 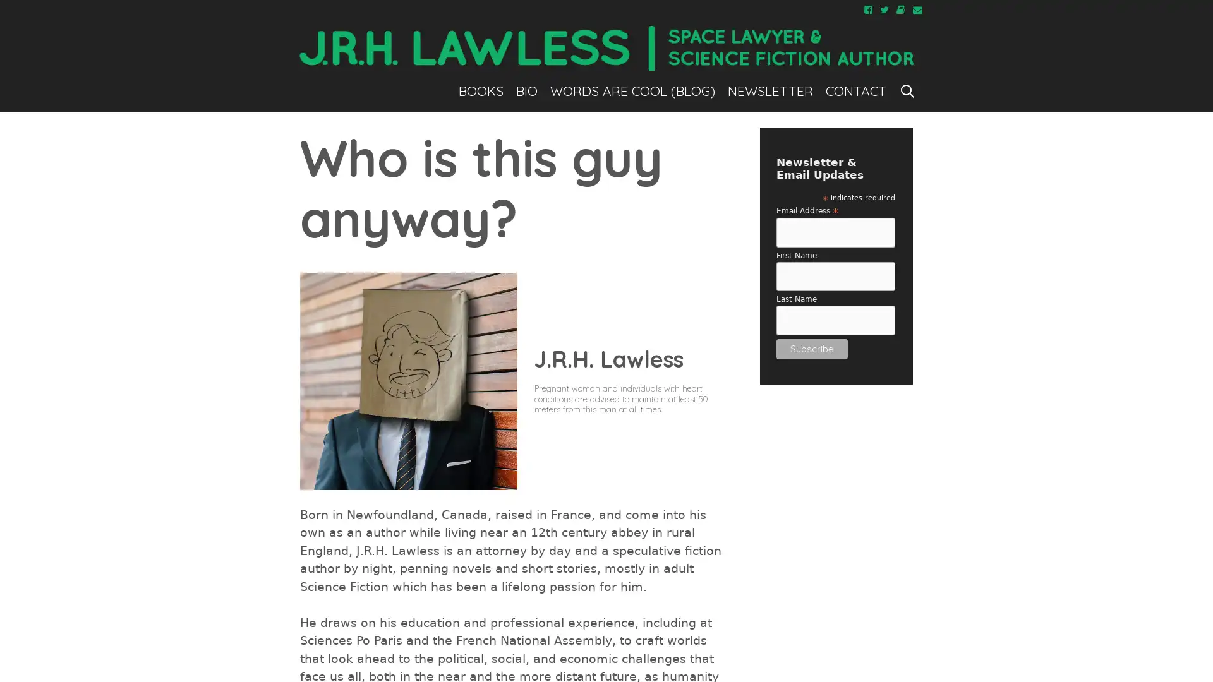 I want to click on Subscribe, so click(x=811, y=348).